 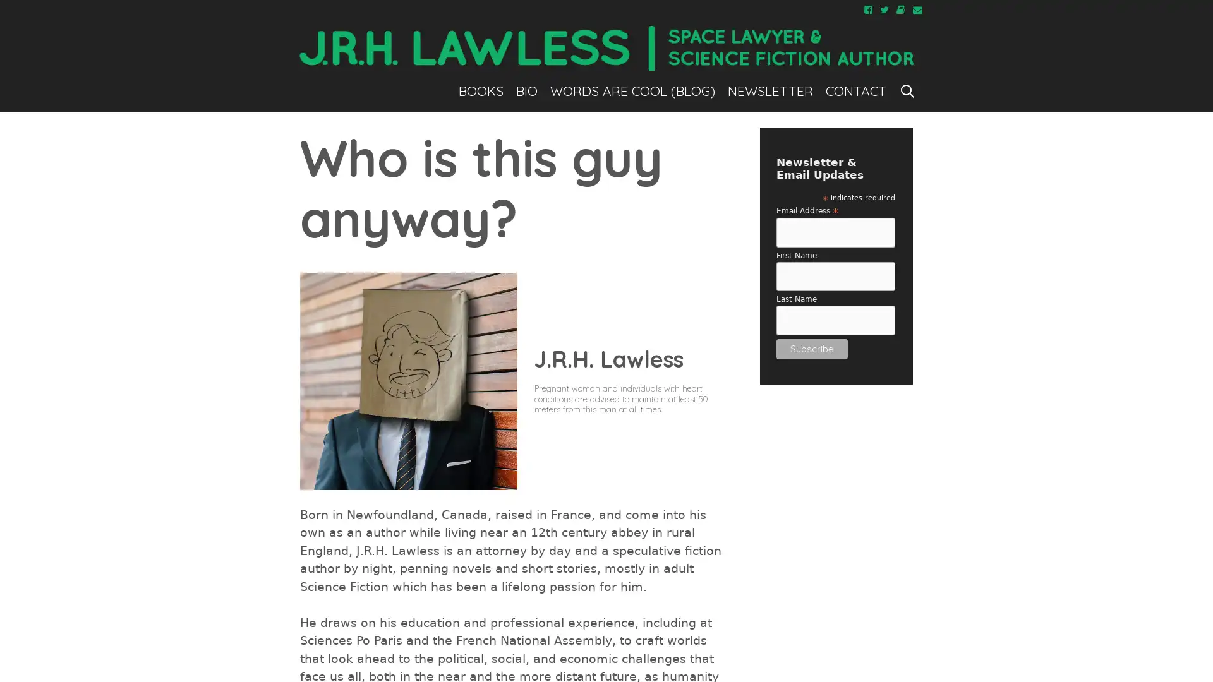 I want to click on Subscribe, so click(x=811, y=348).